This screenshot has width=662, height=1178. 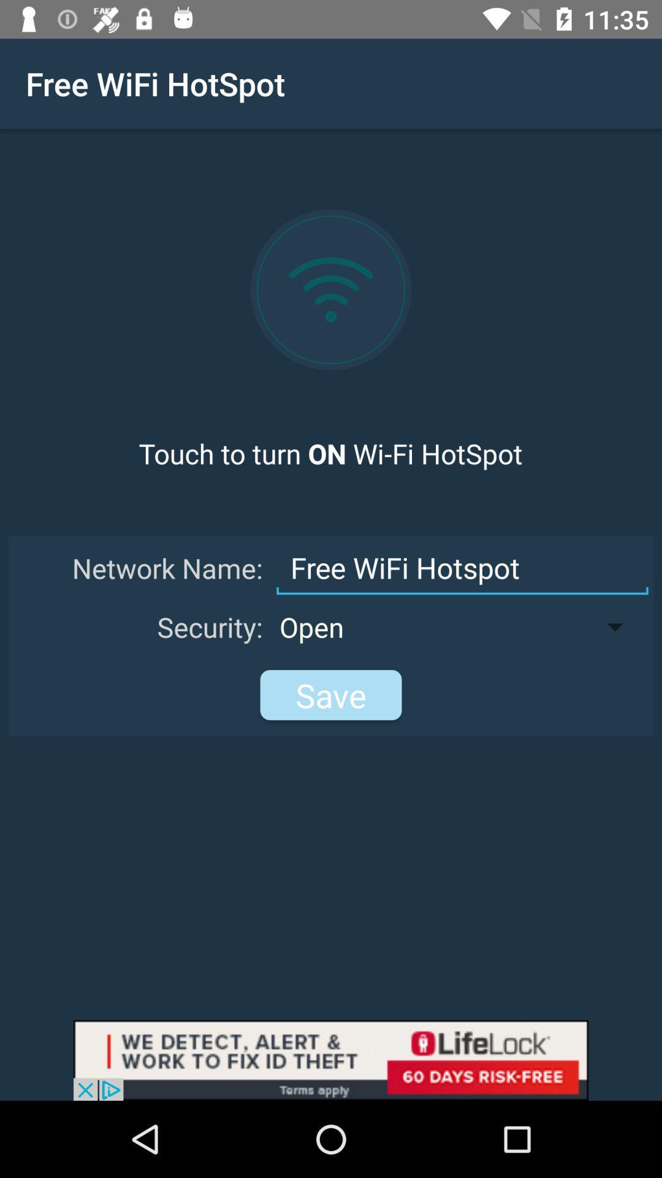 I want to click on open advertisement, so click(x=331, y=1060).